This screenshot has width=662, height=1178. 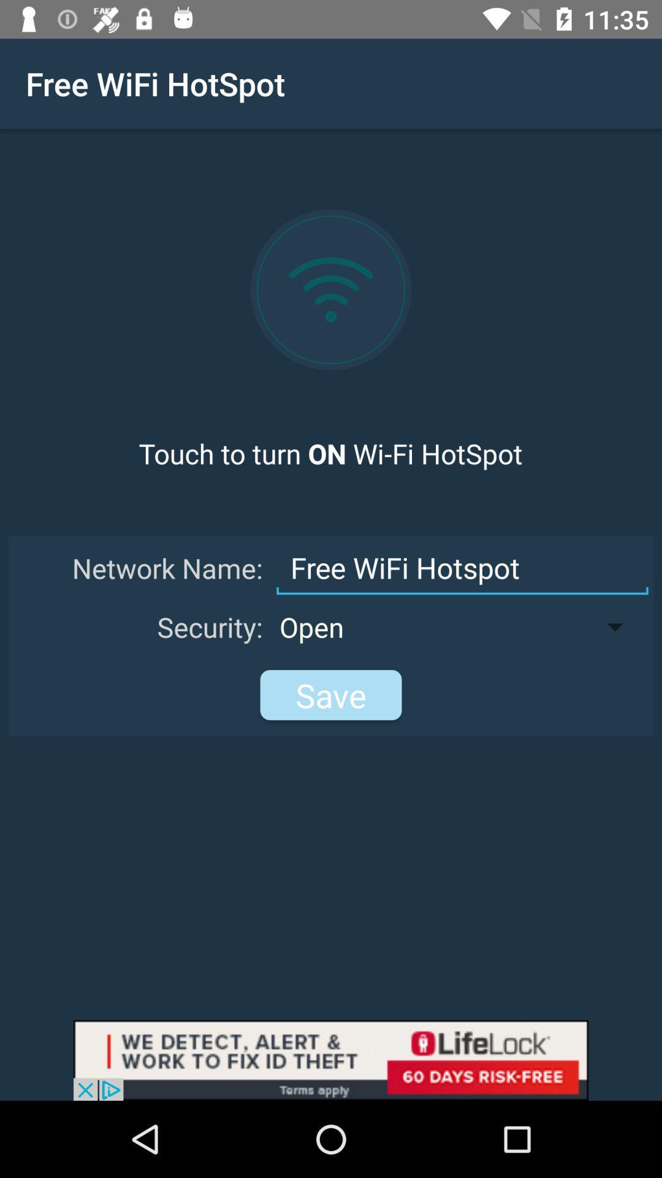 I want to click on open advertisement, so click(x=331, y=1060).